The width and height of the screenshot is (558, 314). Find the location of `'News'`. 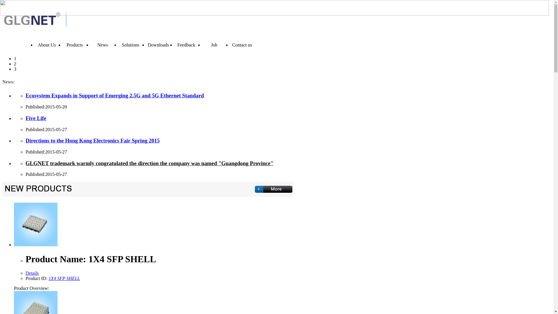

'News' is located at coordinates (103, 44).